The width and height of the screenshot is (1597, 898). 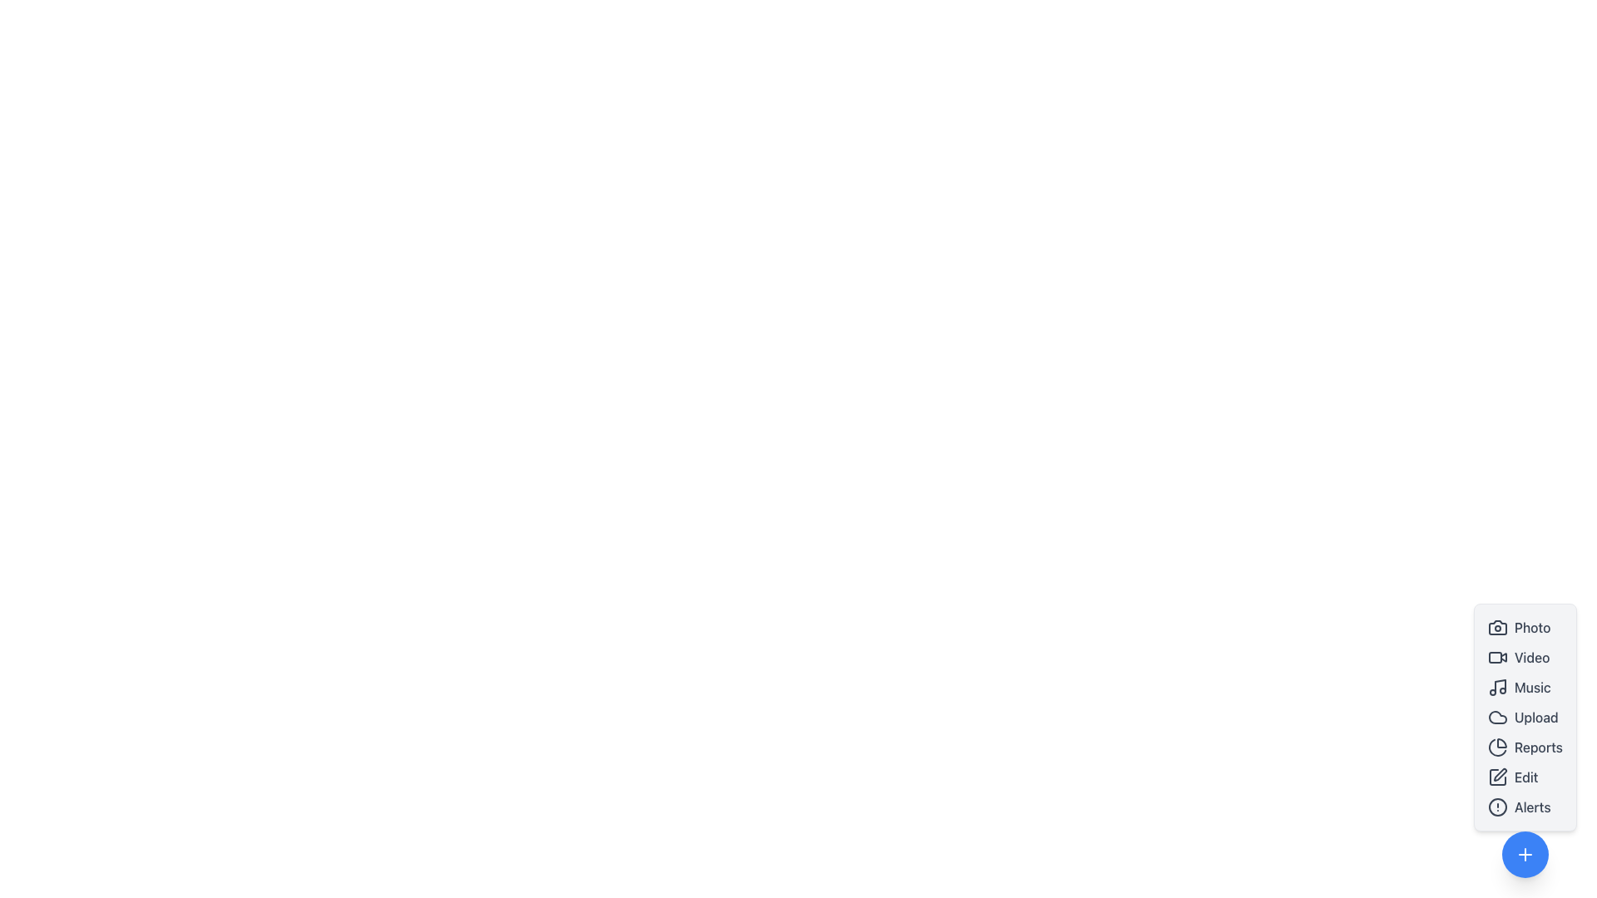 What do you see at coordinates (1497, 807) in the screenshot?
I see `the SVG Circle representing the key notification aspect in the alert icon located at the bottom-right corner of the interface` at bounding box center [1497, 807].